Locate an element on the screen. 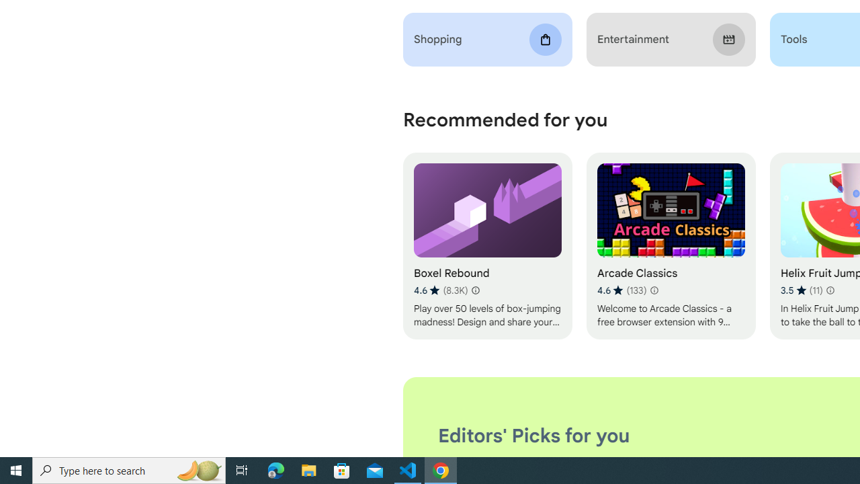  'Entertainment' is located at coordinates (671, 39).